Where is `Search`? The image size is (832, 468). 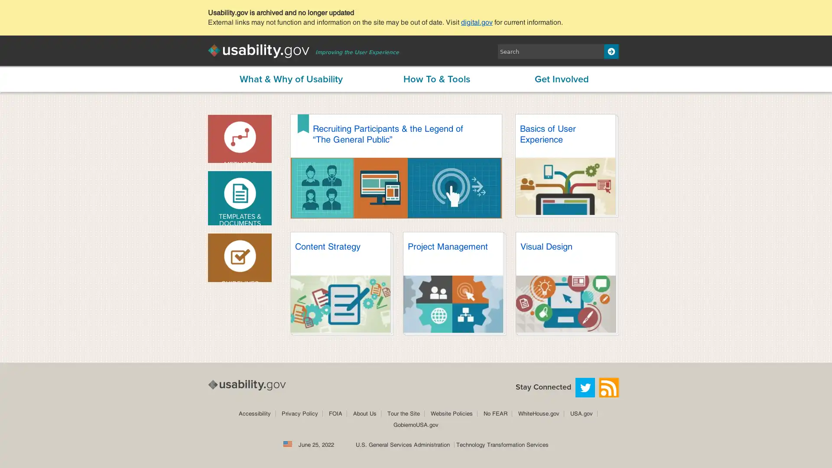
Search is located at coordinates (611, 52).